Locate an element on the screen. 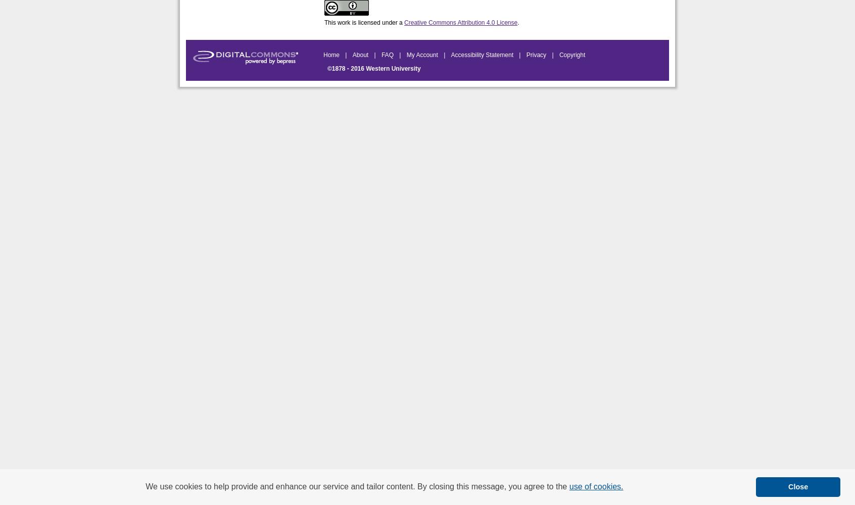 The width and height of the screenshot is (855, 505). 'We use cookies to help provide and enhance our service and tailor content. By closing this message, you agree to the' is located at coordinates (356, 486).